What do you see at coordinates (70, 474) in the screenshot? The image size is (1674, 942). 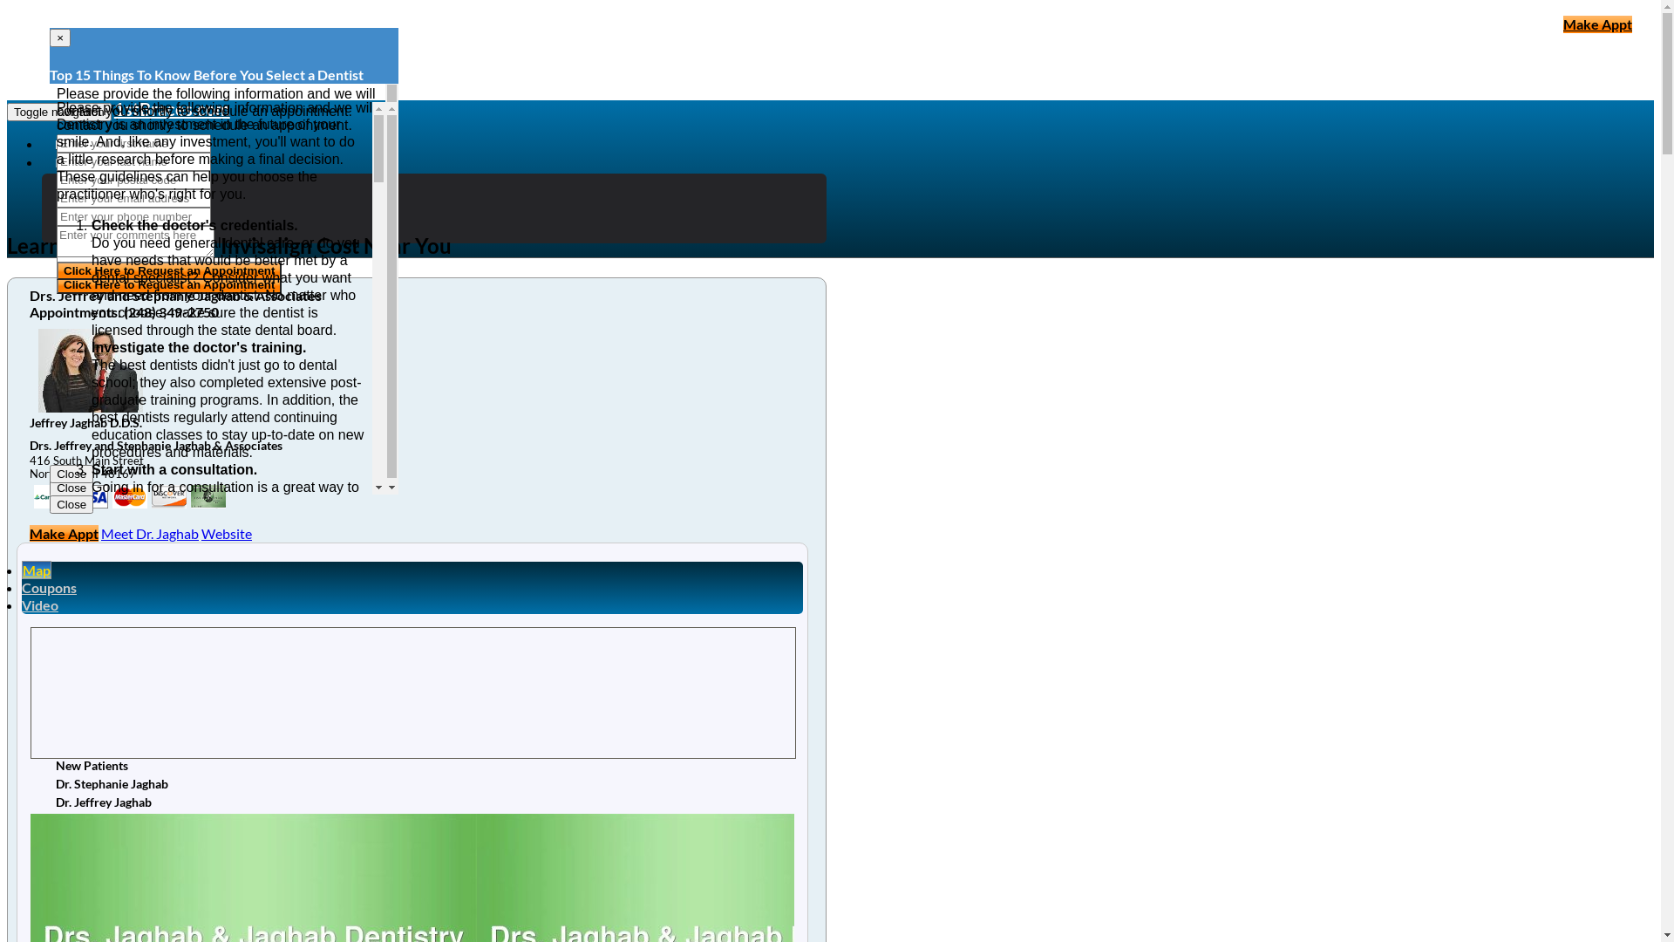 I see `'Close'` at bounding box center [70, 474].